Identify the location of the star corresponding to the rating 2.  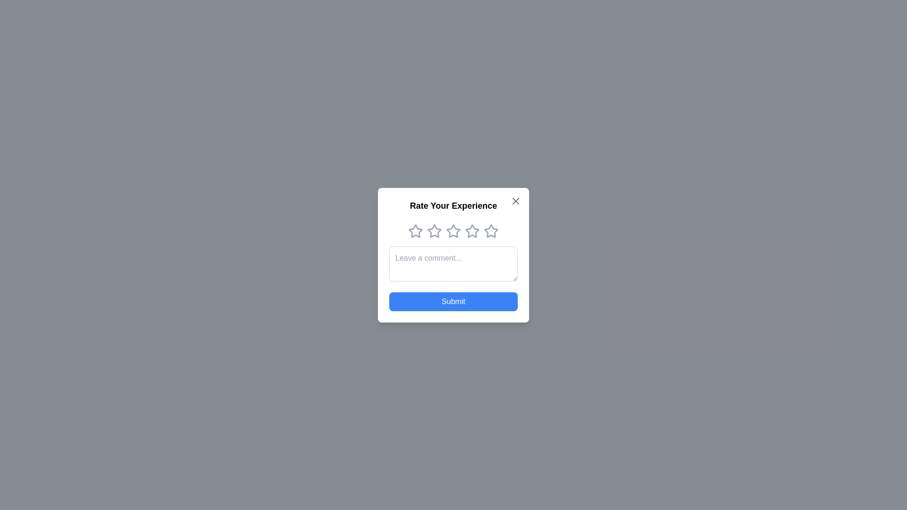
(434, 231).